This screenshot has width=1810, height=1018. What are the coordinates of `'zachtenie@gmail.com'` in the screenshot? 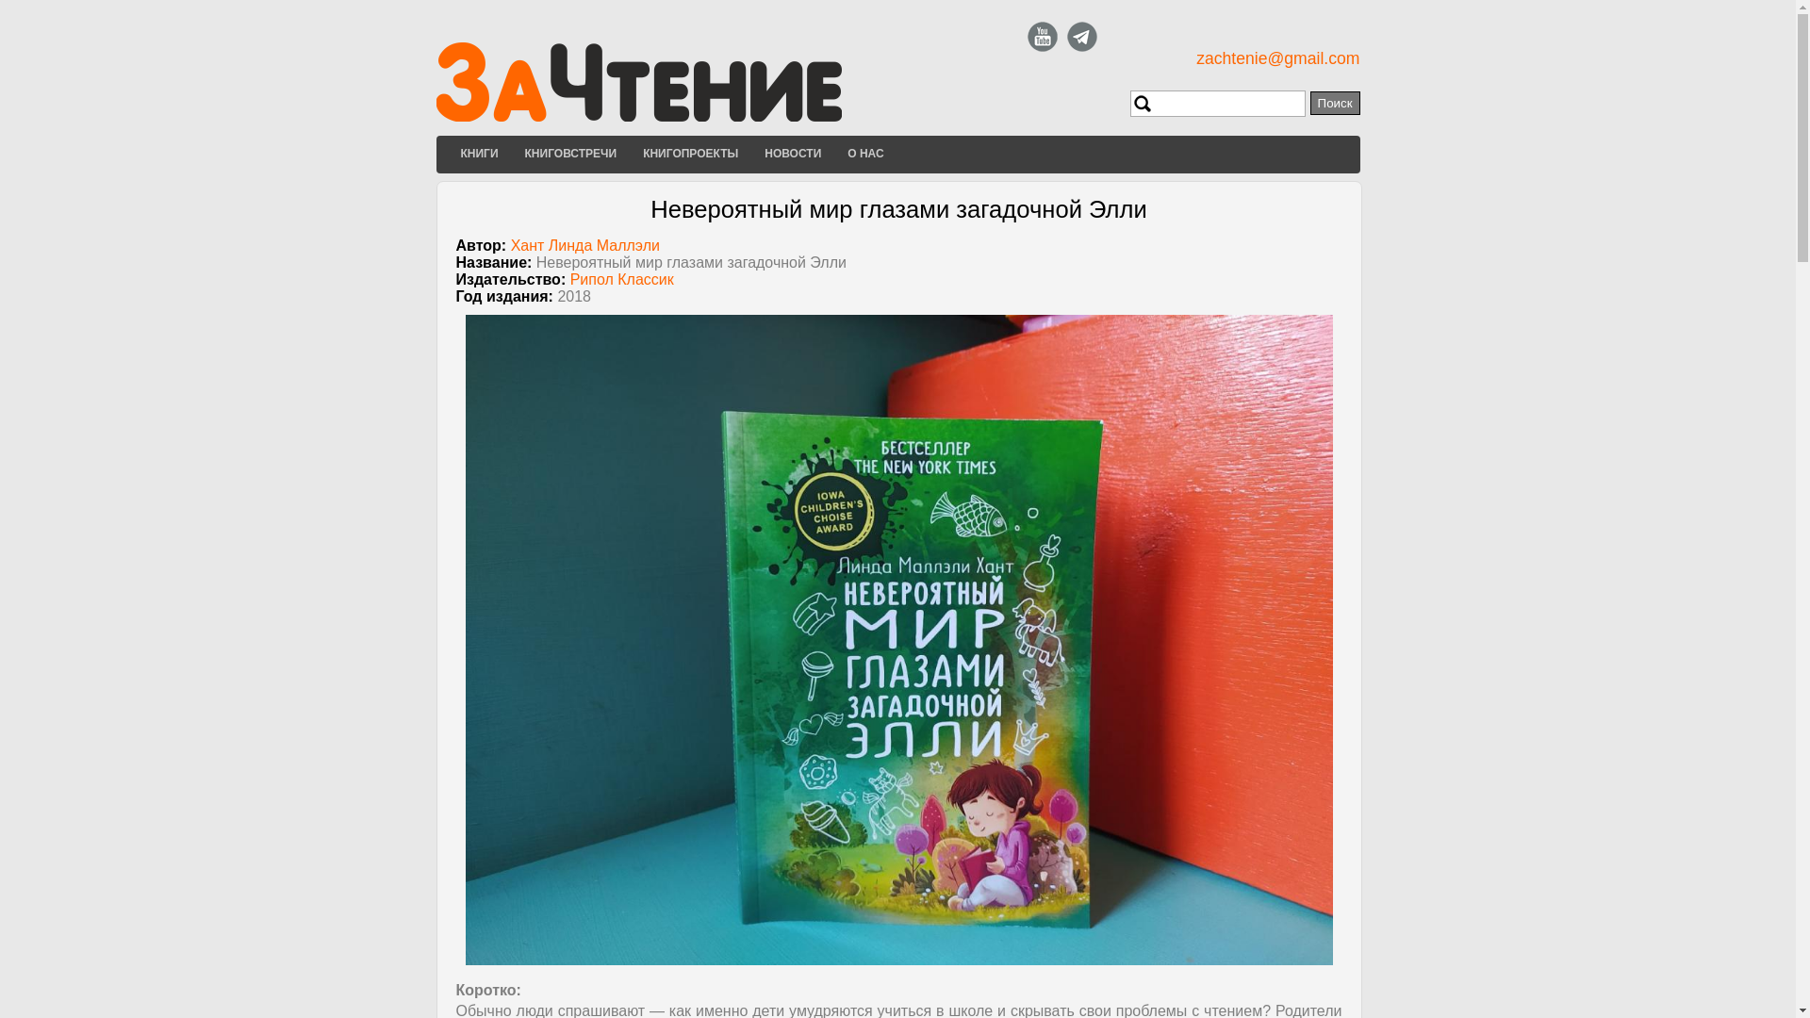 It's located at (1277, 57).